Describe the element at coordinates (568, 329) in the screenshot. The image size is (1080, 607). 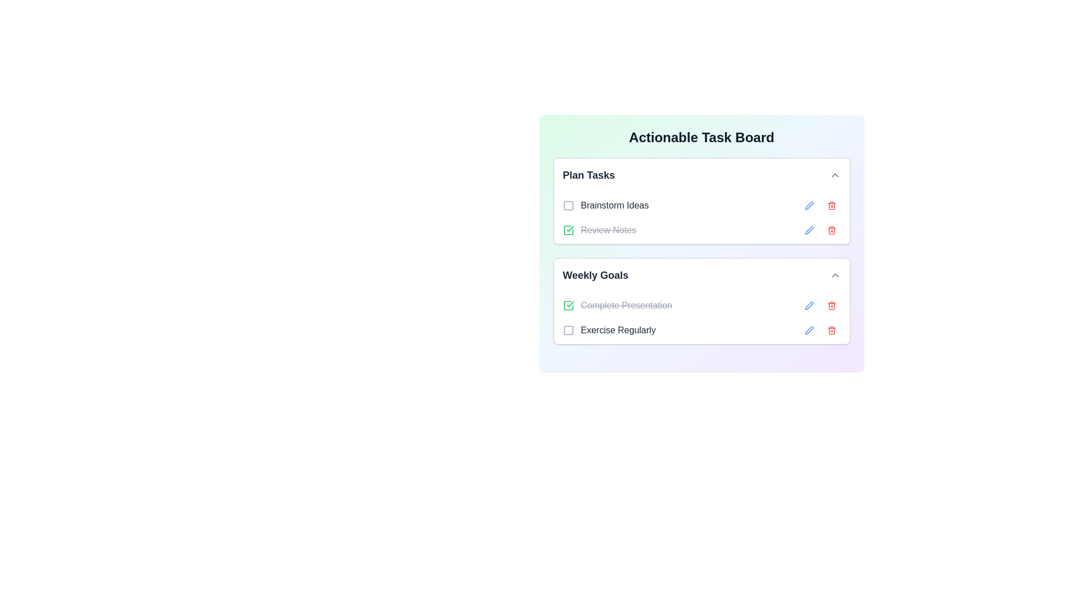
I see `the square-shaped UI component with rounded corners located in the 'Weekly Goals' section, next to the 'Exercise Regularly' task` at that location.